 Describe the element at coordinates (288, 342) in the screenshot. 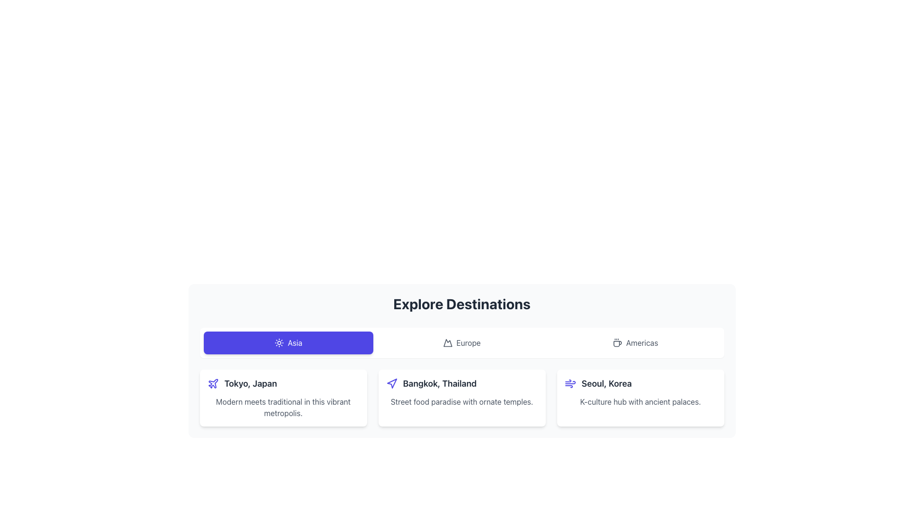

I see `the rectangular button with a rounded border, purple background, white sun icon, and the text 'Asia'` at that location.